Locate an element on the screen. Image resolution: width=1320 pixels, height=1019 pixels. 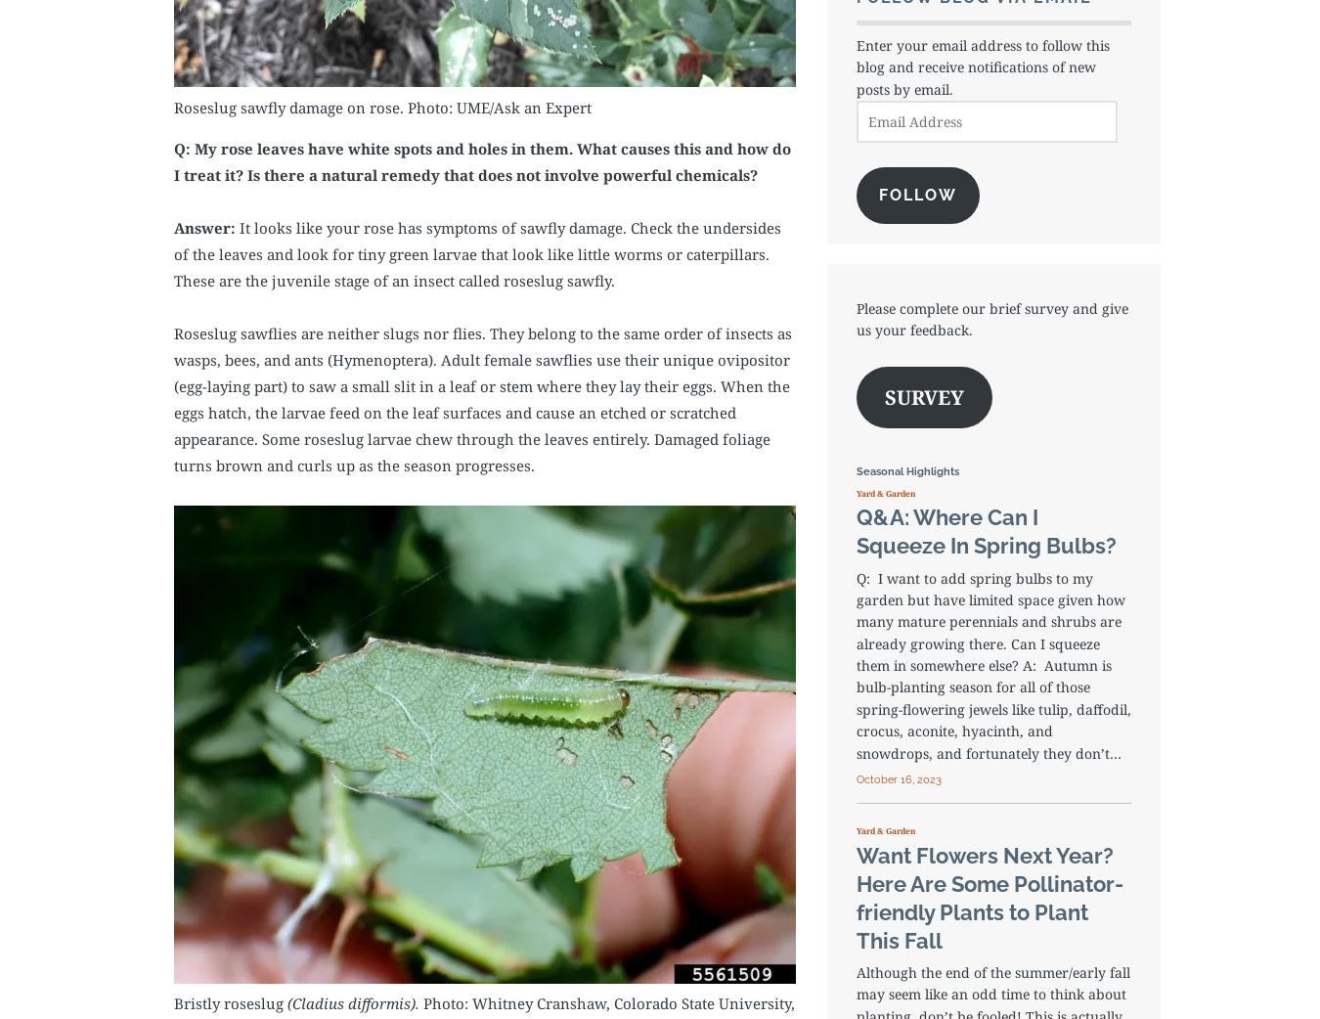
'It looks like your rose has symptoms of sawfly damage. Check the undersides of the leaves and look for tiny green larvae that look like little worms or caterpillars. These are the juvenile stage of an insect called roseslug sawfly.' is located at coordinates (476, 252).